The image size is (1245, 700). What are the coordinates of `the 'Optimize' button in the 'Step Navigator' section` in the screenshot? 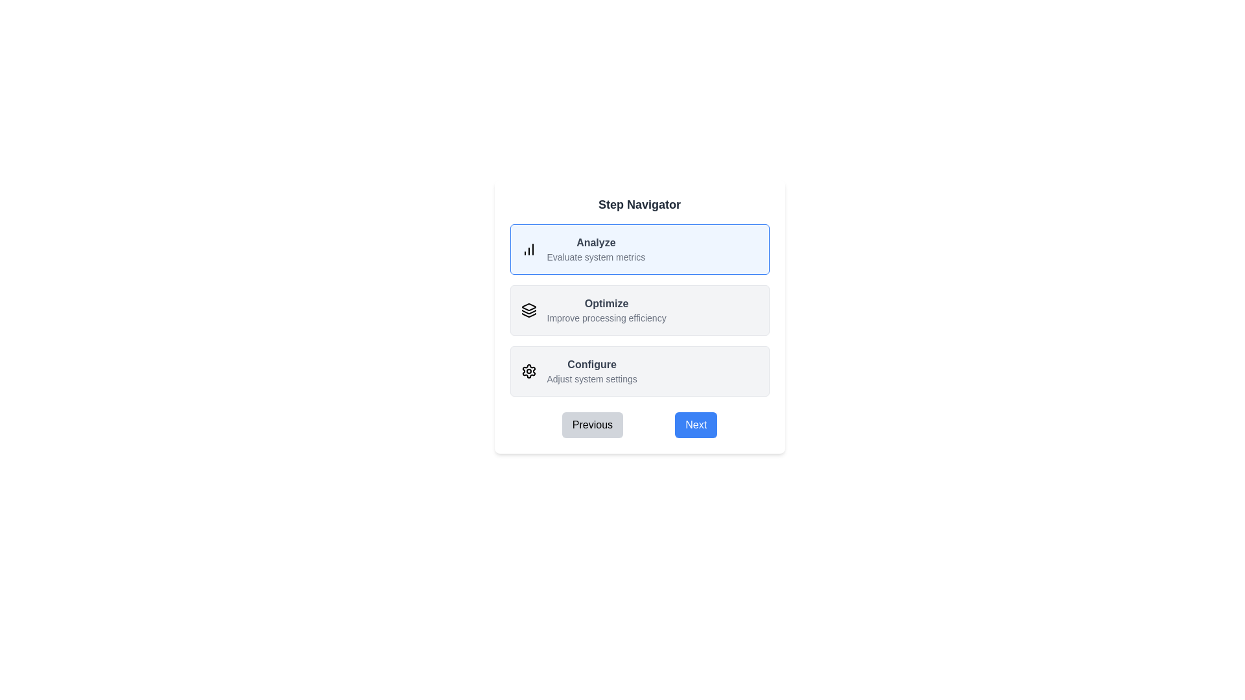 It's located at (639, 310).